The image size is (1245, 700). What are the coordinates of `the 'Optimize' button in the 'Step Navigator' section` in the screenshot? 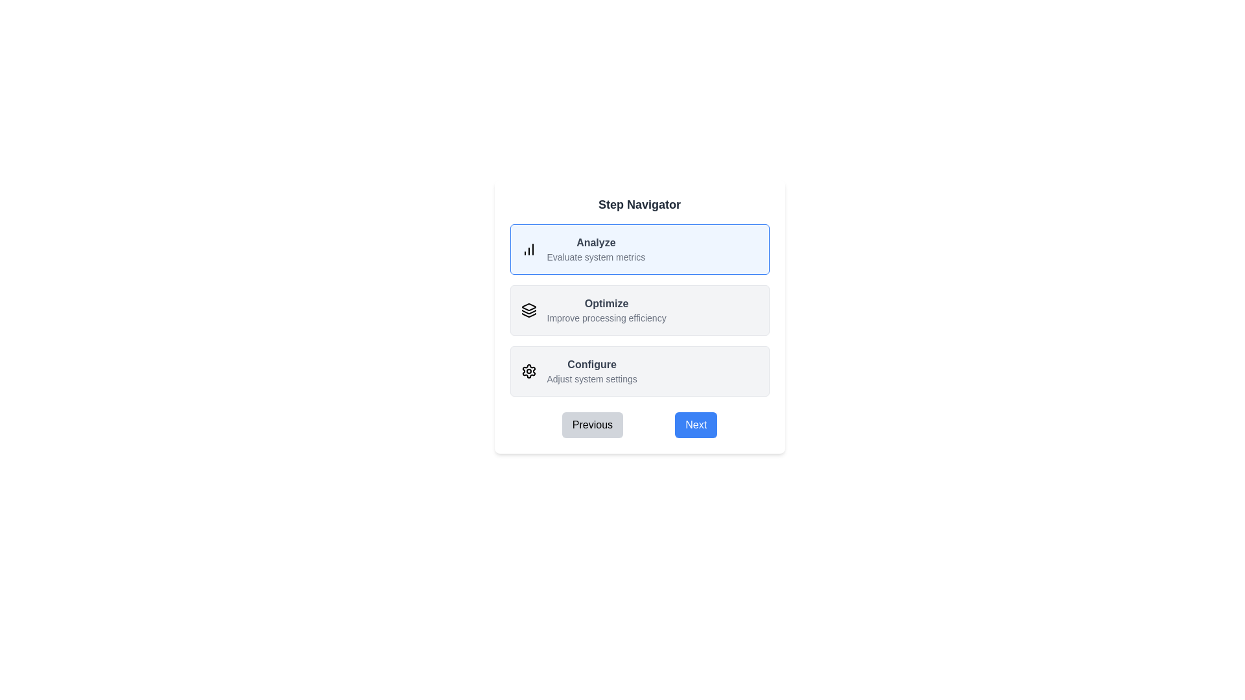 It's located at (639, 310).